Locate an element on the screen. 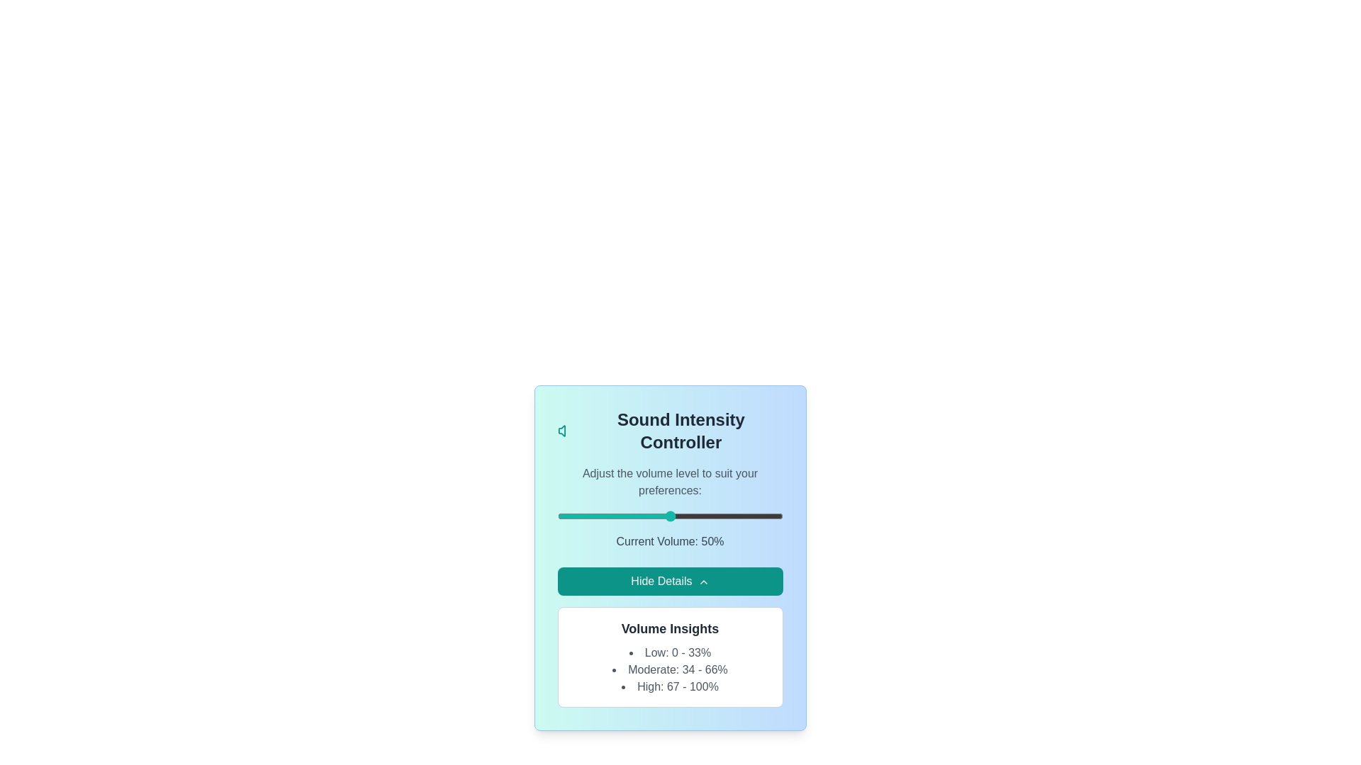 This screenshot has width=1361, height=765. the volume slider to set the audio intensity to 3% is located at coordinates (564, 516).